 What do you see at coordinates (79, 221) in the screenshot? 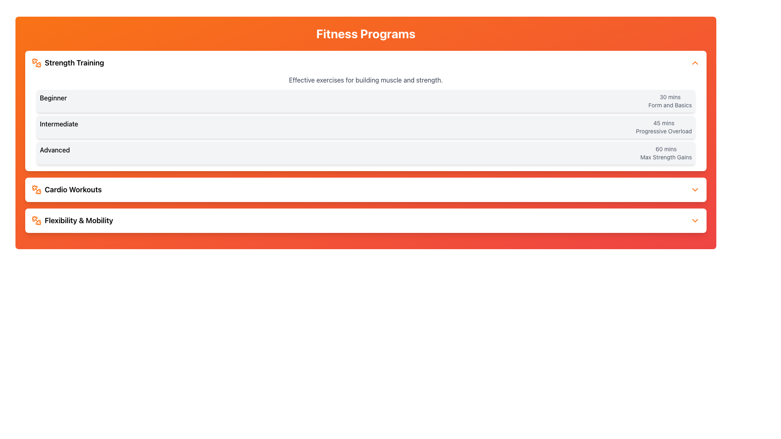
I see `the text label displaying 'Flexibility & Mobility'` at bounding box center [79, 221].